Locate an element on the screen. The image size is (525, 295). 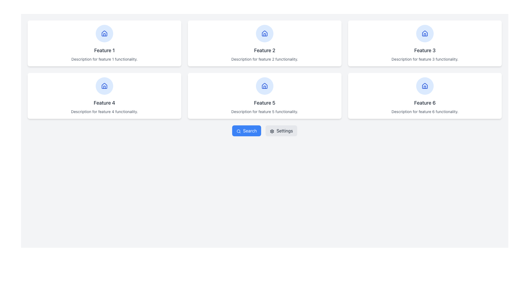
the non-interactive Text Label that provides information about 'Feature 6', located at the bottom of the card in the bottom-right corner of a two-row grid layout is located at coordinates (425, 111).